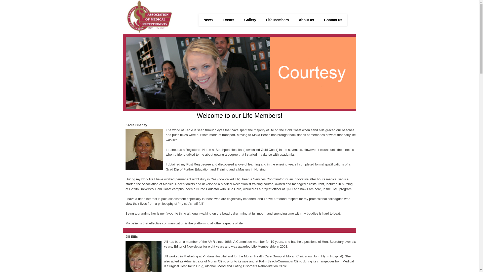 The width and height of the screenshot is (483, 272). What do you see at coordinates (276, 20) in the screenshot?
I see `'Life Members'` at bounding box center [276, 20].